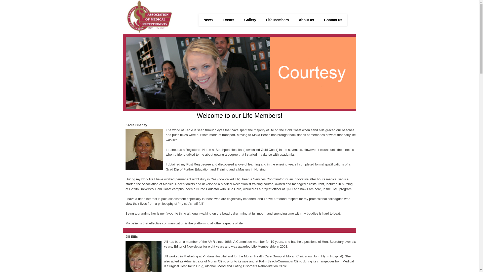 The width and height of the screenshot is (483, 272). What do you see at coordinates (276, 20) in the screenshot?
I see `'Life Members'` at bounding box center [276, 20].